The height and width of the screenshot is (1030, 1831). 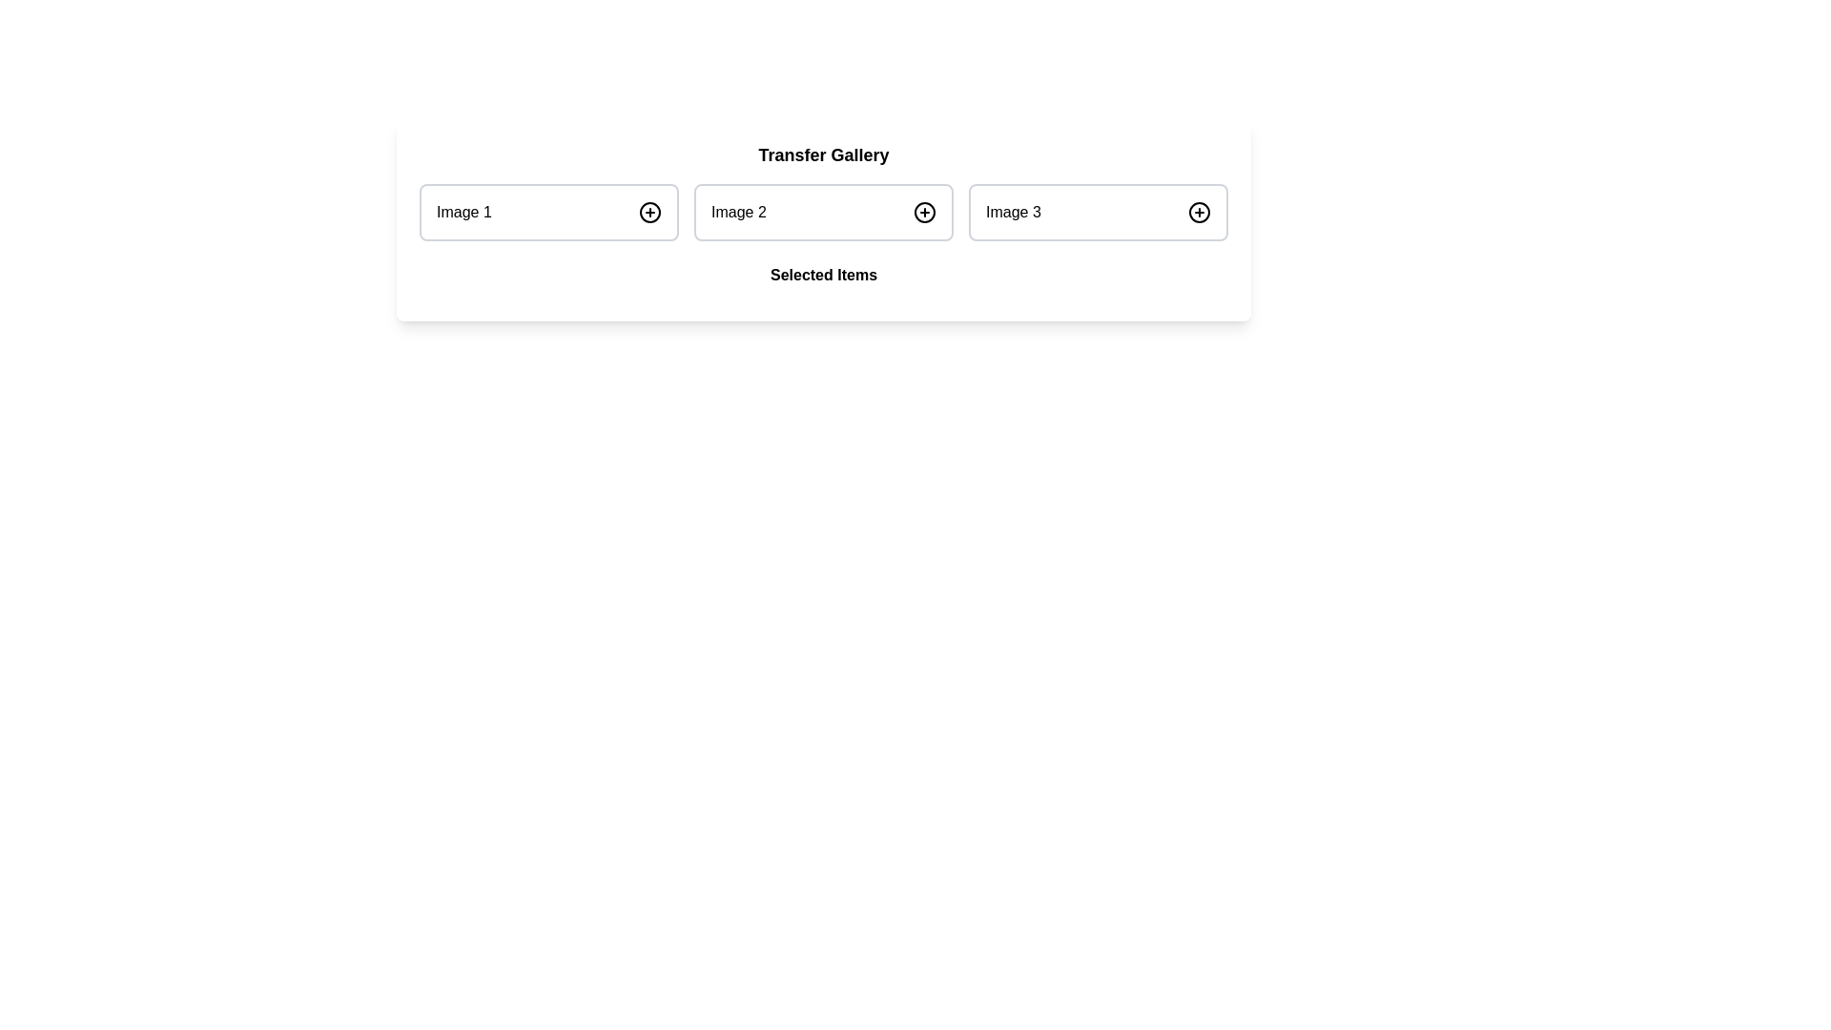 What do you see at coordinates (1198, 213) in the screenshot?
I see `the circular button with a plus sign, located to the right of the 'Image 3' label` at bounding box center [1198, 213].